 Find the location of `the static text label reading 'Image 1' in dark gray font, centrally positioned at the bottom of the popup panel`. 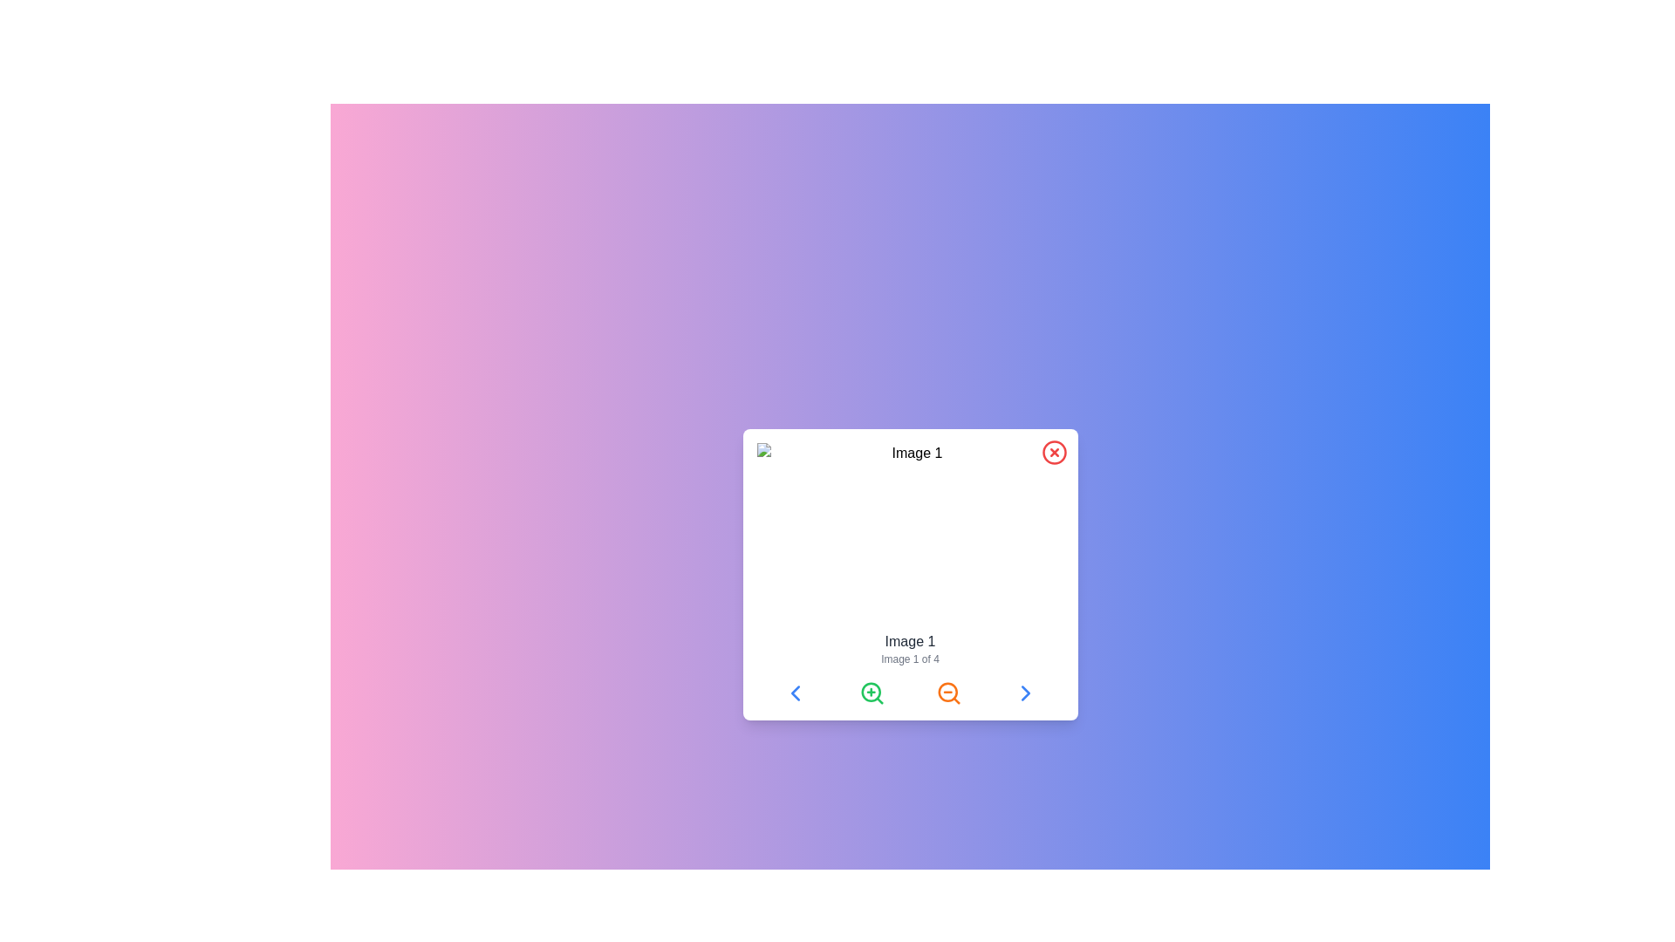

the static text label reading 'Image 1' in dark gray font, centrally positioned at the bottom of the popup panel is located at coordinates (909, 642).